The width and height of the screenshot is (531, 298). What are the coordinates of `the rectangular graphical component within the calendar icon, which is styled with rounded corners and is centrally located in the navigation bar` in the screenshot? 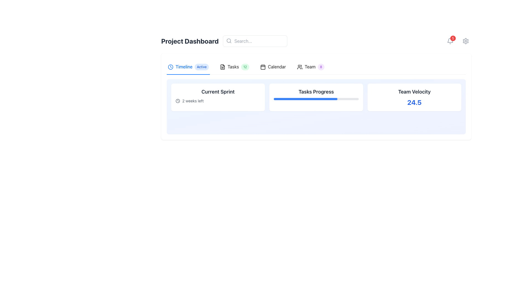 It's located at (262, 67).